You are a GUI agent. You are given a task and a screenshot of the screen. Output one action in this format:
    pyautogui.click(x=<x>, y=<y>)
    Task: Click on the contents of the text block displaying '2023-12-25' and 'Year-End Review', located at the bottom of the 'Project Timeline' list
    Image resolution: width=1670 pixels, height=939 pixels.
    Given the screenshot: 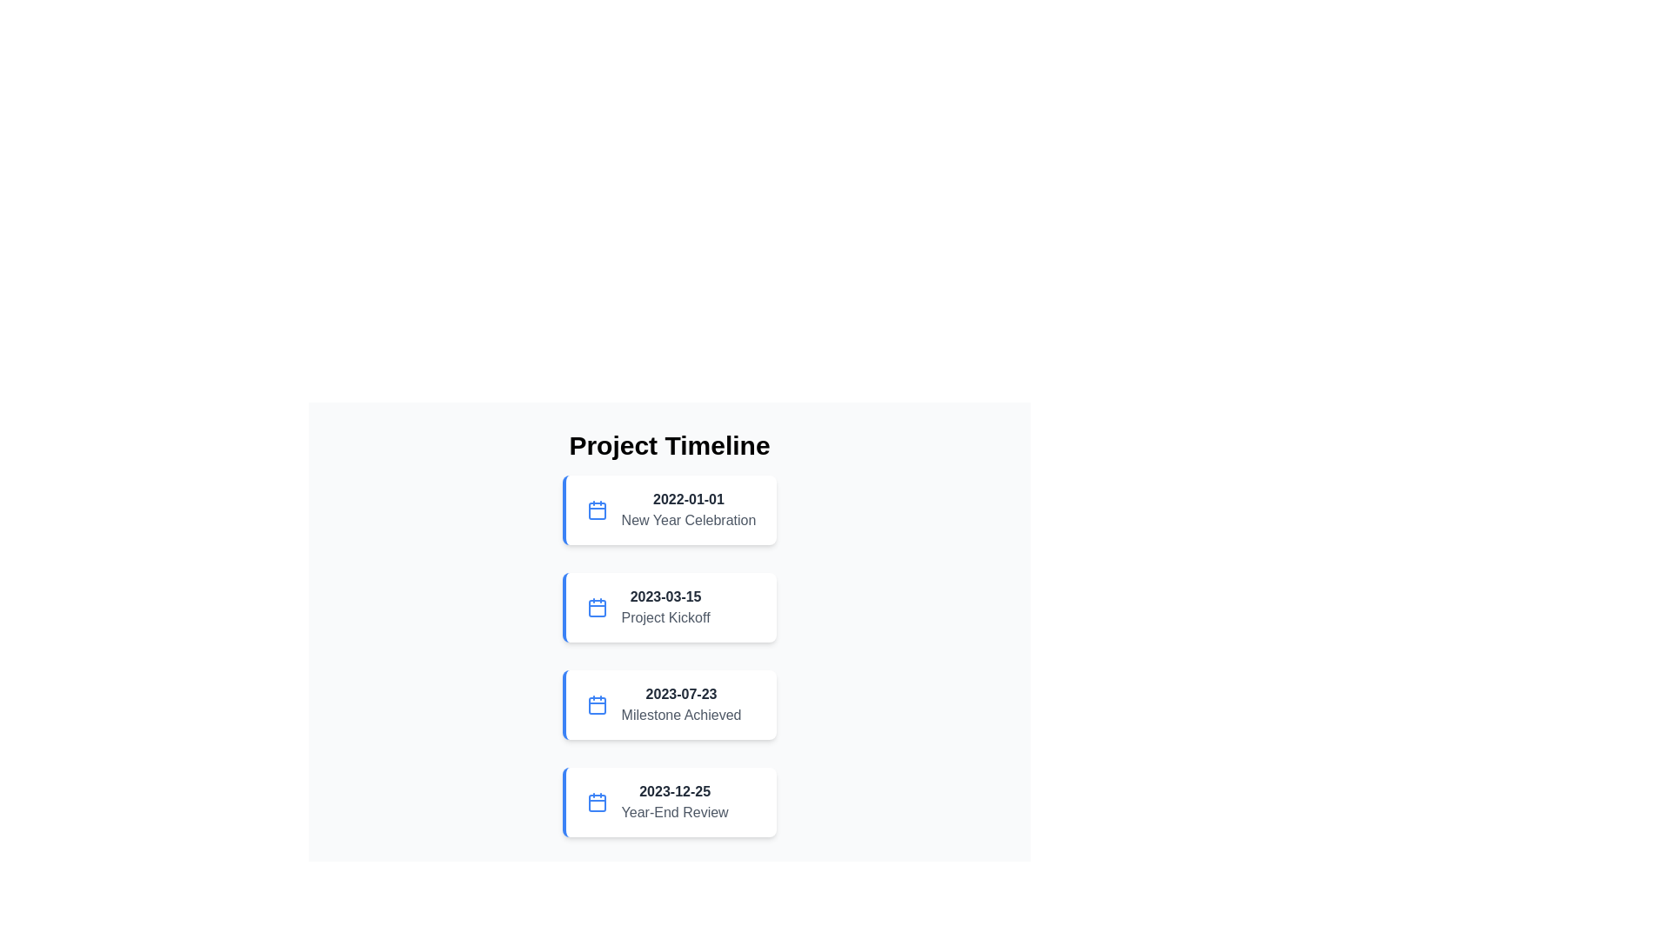 What is the action you would take?
    pyautogui.click(x=674, y=802)
    